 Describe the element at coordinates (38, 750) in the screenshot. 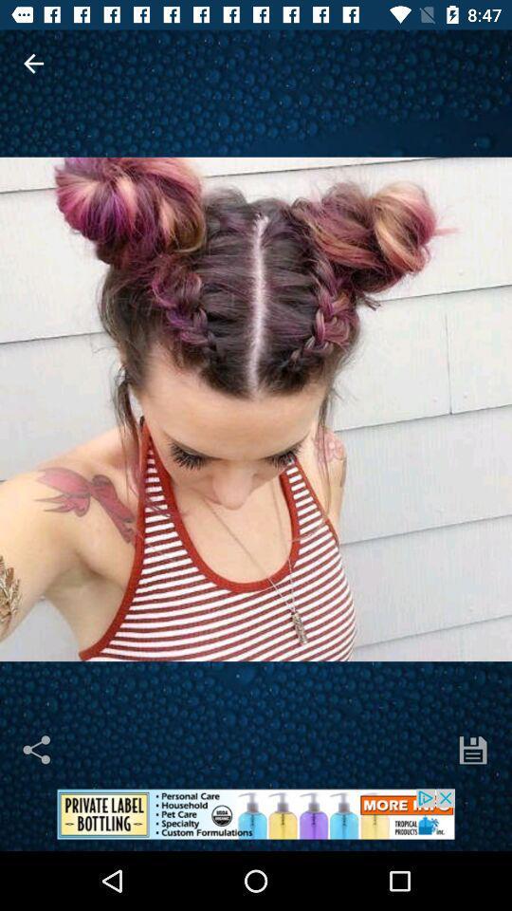

I see `the share icon` at that location.